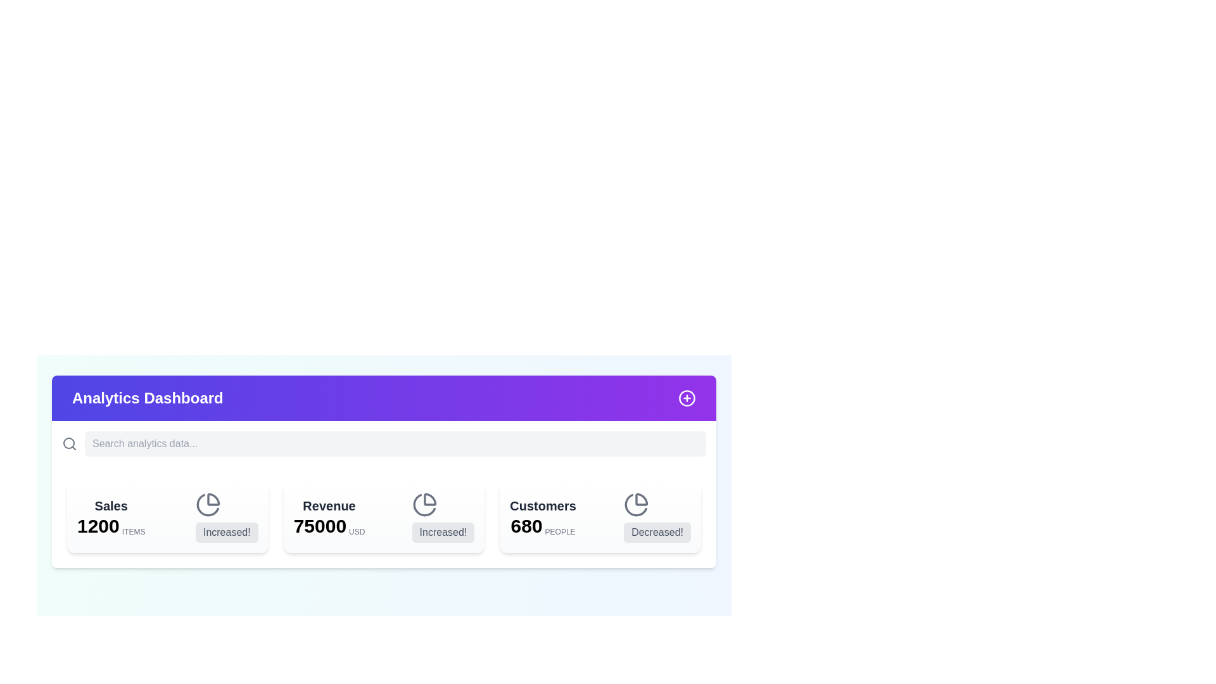 This screenshot has height=684, width=1216. Describe the element at coordinates (686, 397) in the screenshot. I see `the SVG Circle Graphic with a purple border and white center located in the top-right corner of the purple header section` at that location.